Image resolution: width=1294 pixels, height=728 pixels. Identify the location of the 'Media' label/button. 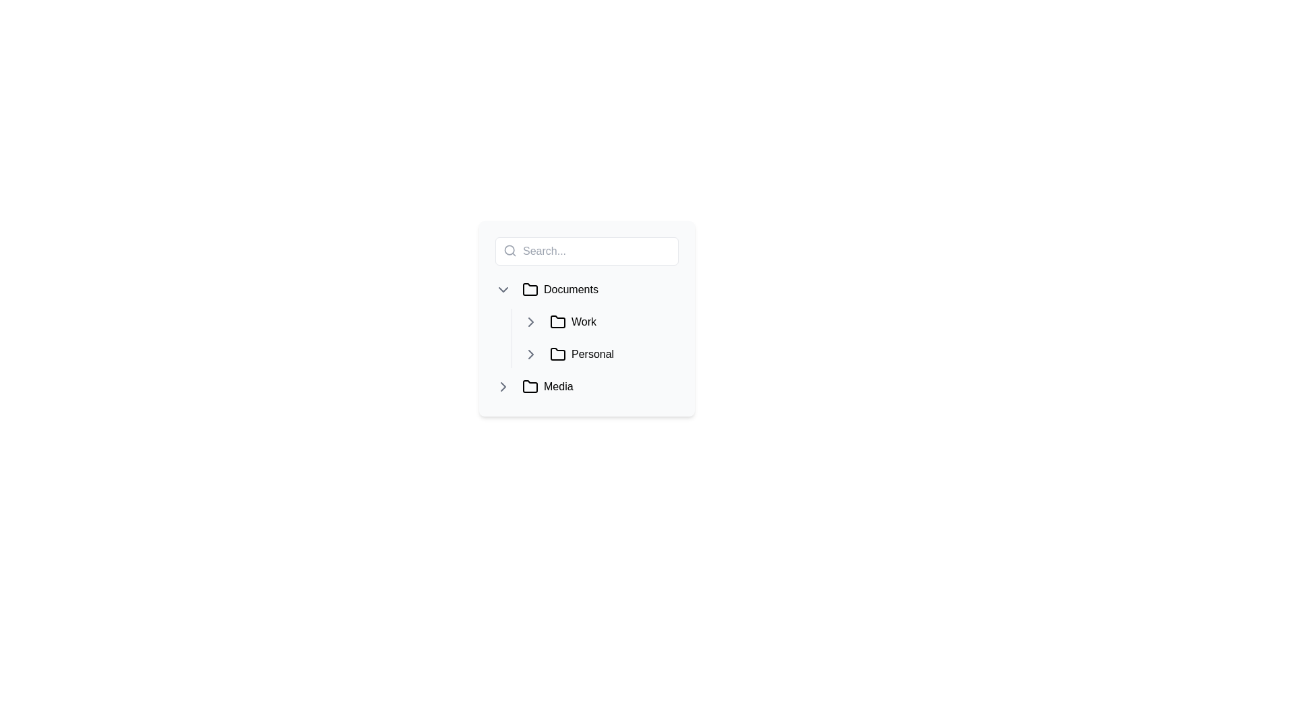
(558, 387).